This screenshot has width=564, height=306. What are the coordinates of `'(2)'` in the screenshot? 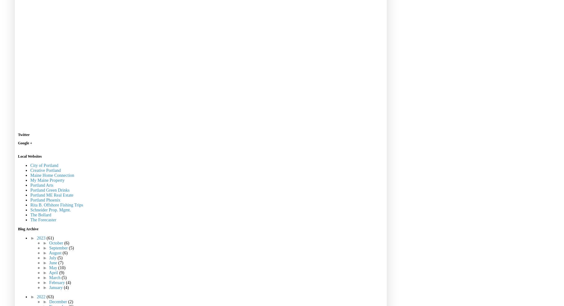 It's located at (70, 301).